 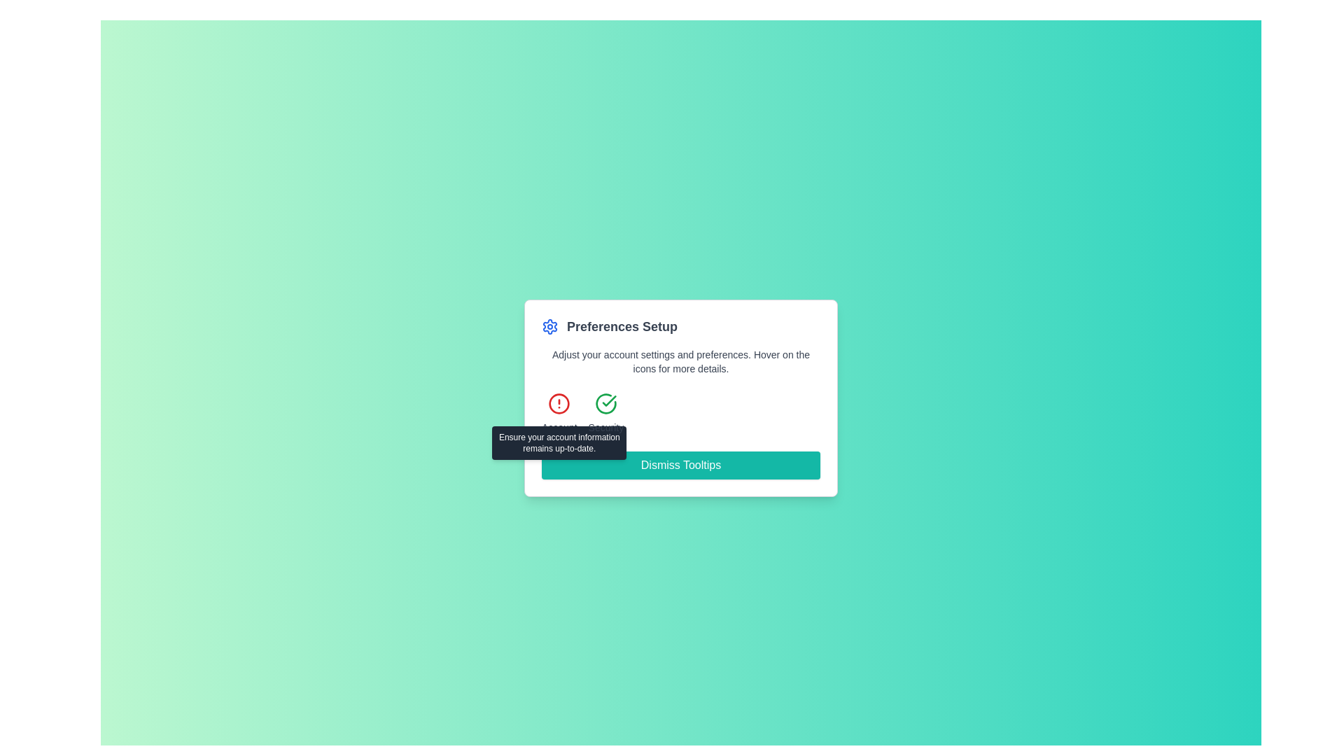 What do you see at coordinates (621, 326) in the screenshot?
I see `the Text (Heading) that summarizes the purpose of setting user preferences, positioned to the right of the settings gear icon in the modal dialog box` at bounding box center [621, 326].